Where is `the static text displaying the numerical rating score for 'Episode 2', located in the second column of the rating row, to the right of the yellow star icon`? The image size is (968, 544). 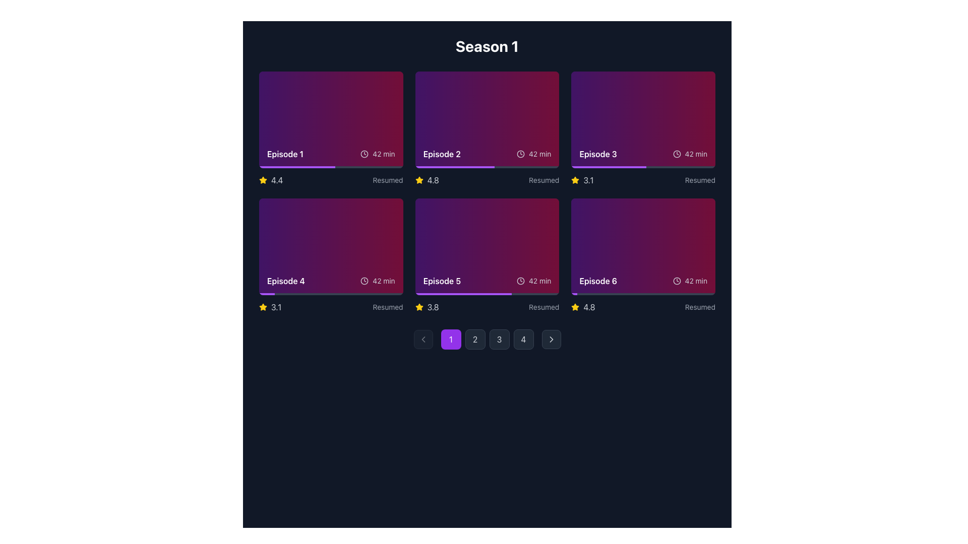 the static text displaying the numerical rating score for 'Episode 2', located in the second column of the rating row, to the right of the yellow star icon is located at coordinates (433, 180).